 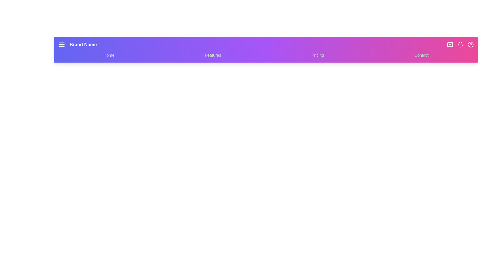 What do you see at coordinates (108, 55) in the screenshot?
I see `the navigation link labeled Home` at bounding box center [108, 55].